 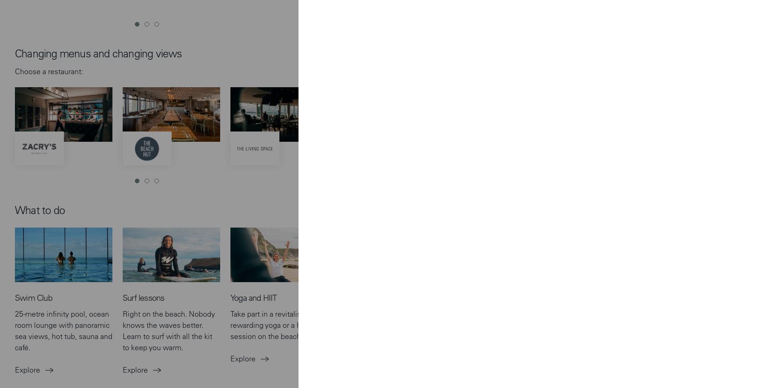 I want to click on 'Coastal and beach walks from the doorstep of the hotel and further afield.', so click(x=486, y=117).